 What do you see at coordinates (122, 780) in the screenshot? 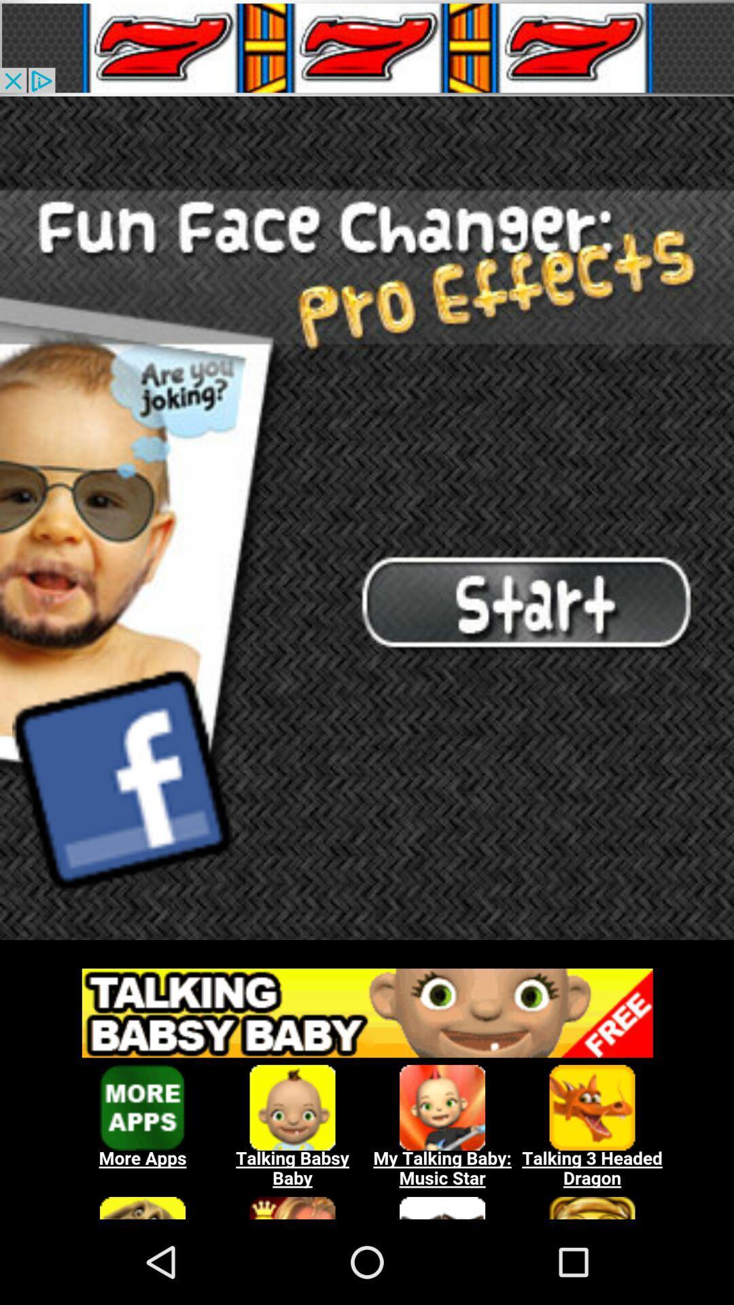
I see `visit facebook` at bounding box center [122, 780].